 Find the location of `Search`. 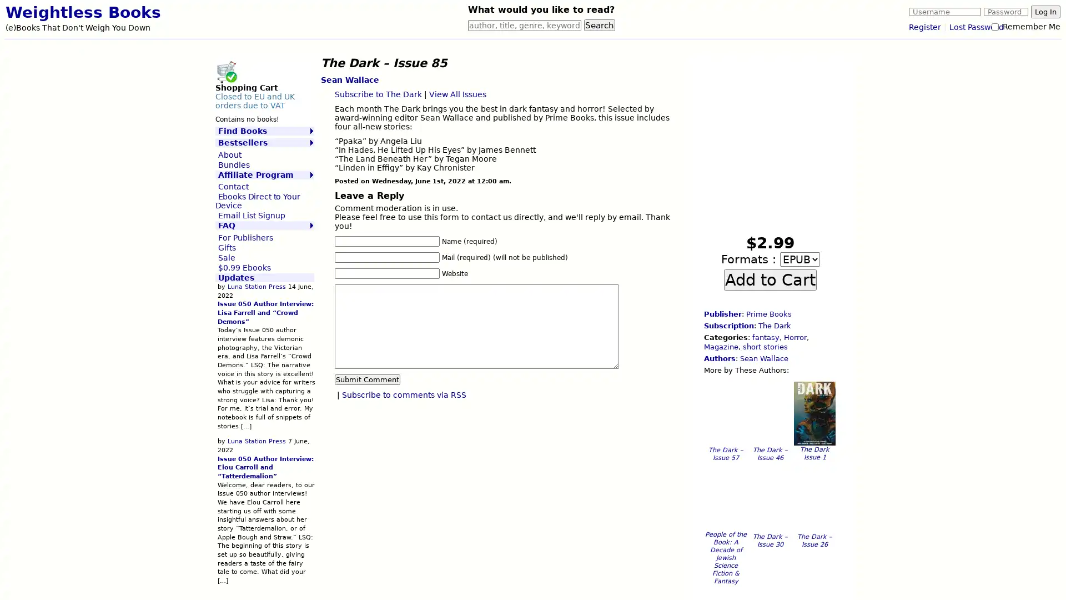

Search is located at coordinates (599, 25).